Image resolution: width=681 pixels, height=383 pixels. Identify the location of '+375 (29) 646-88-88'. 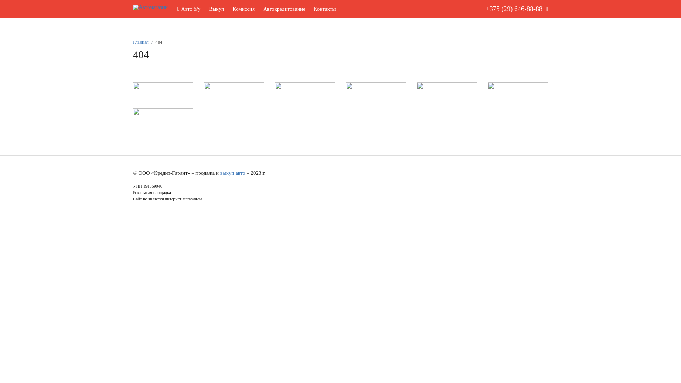
(480, 9).